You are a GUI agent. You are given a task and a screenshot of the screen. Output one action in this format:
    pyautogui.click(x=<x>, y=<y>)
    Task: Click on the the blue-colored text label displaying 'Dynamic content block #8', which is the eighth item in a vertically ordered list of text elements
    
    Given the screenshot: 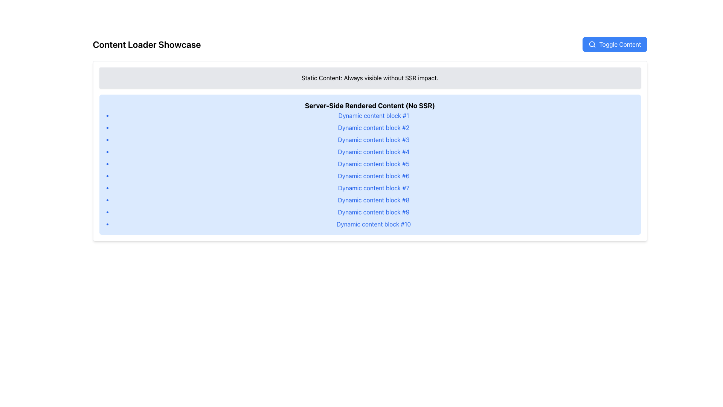 What is the action you would take?
    pyautogui.click(x=374, y=200)
    